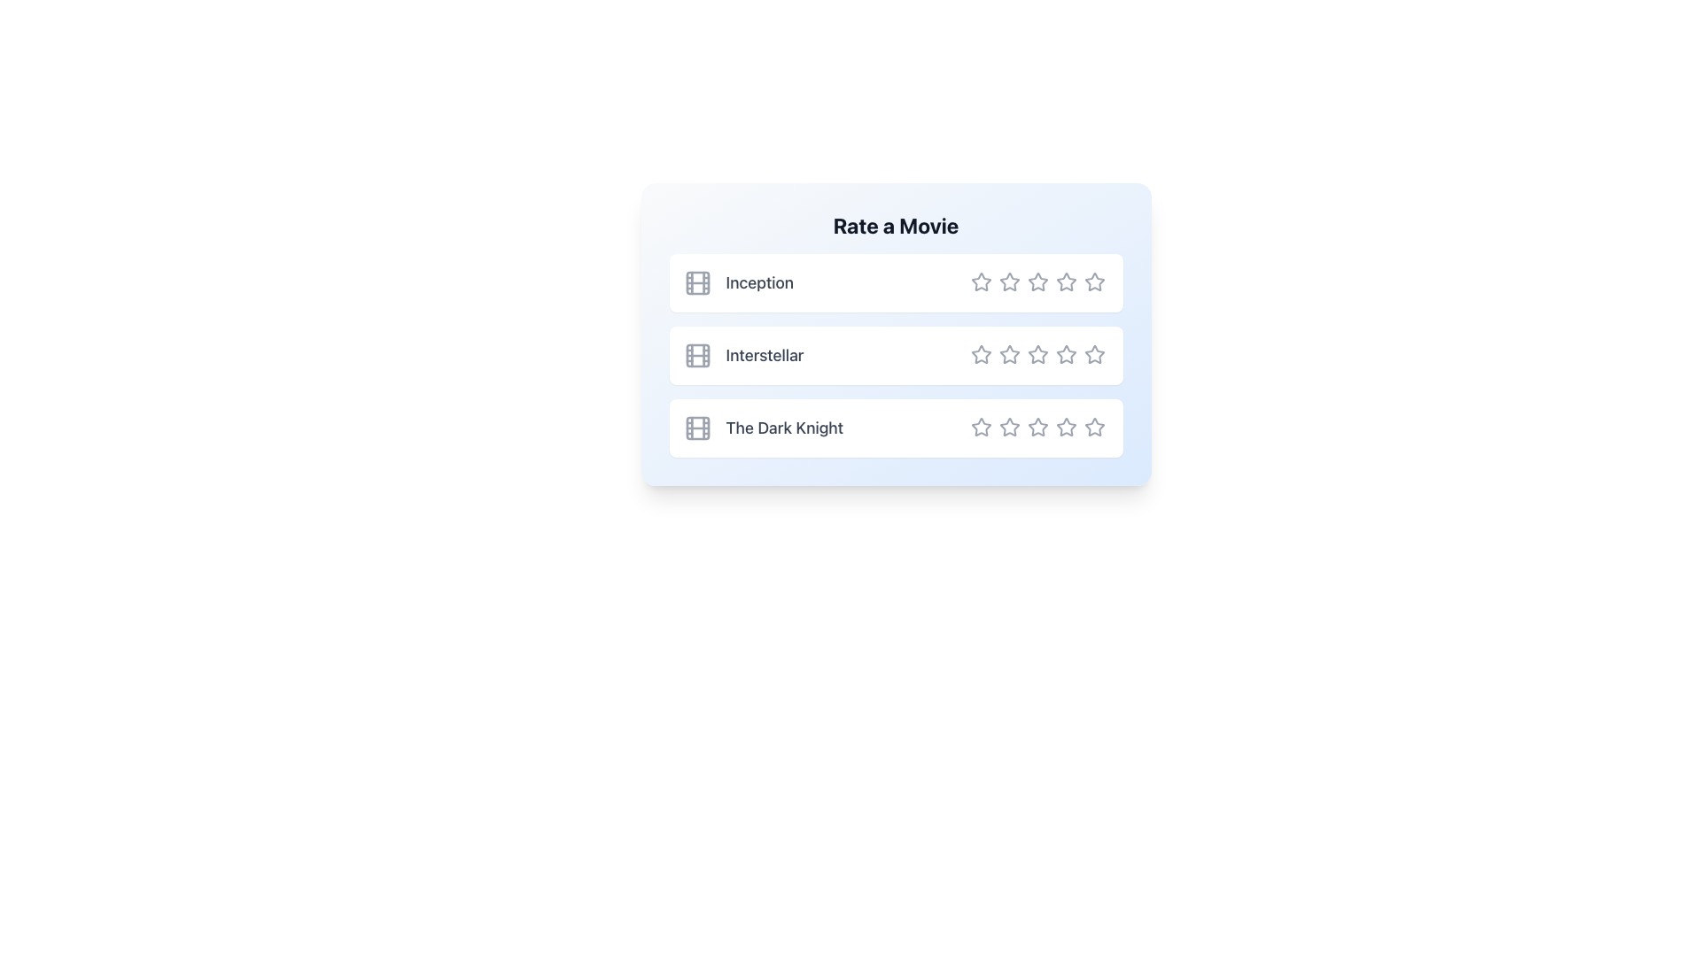 This screenshot has height=956, width=1701. What do you see at coordinates (980, 281) in the screenshot?
I see `the first star button in the five-star rating system for the movie 'Inception'` at bounding box center [980, 281].